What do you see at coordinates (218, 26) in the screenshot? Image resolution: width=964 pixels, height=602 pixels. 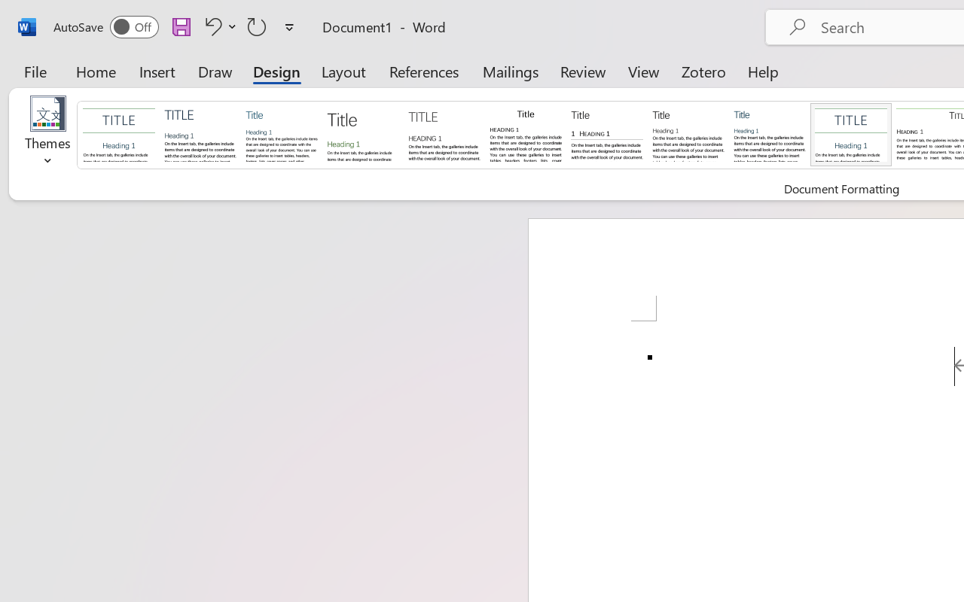 I see `'Undo Apply Quick Style Set'` at bounding box center [218, 26].